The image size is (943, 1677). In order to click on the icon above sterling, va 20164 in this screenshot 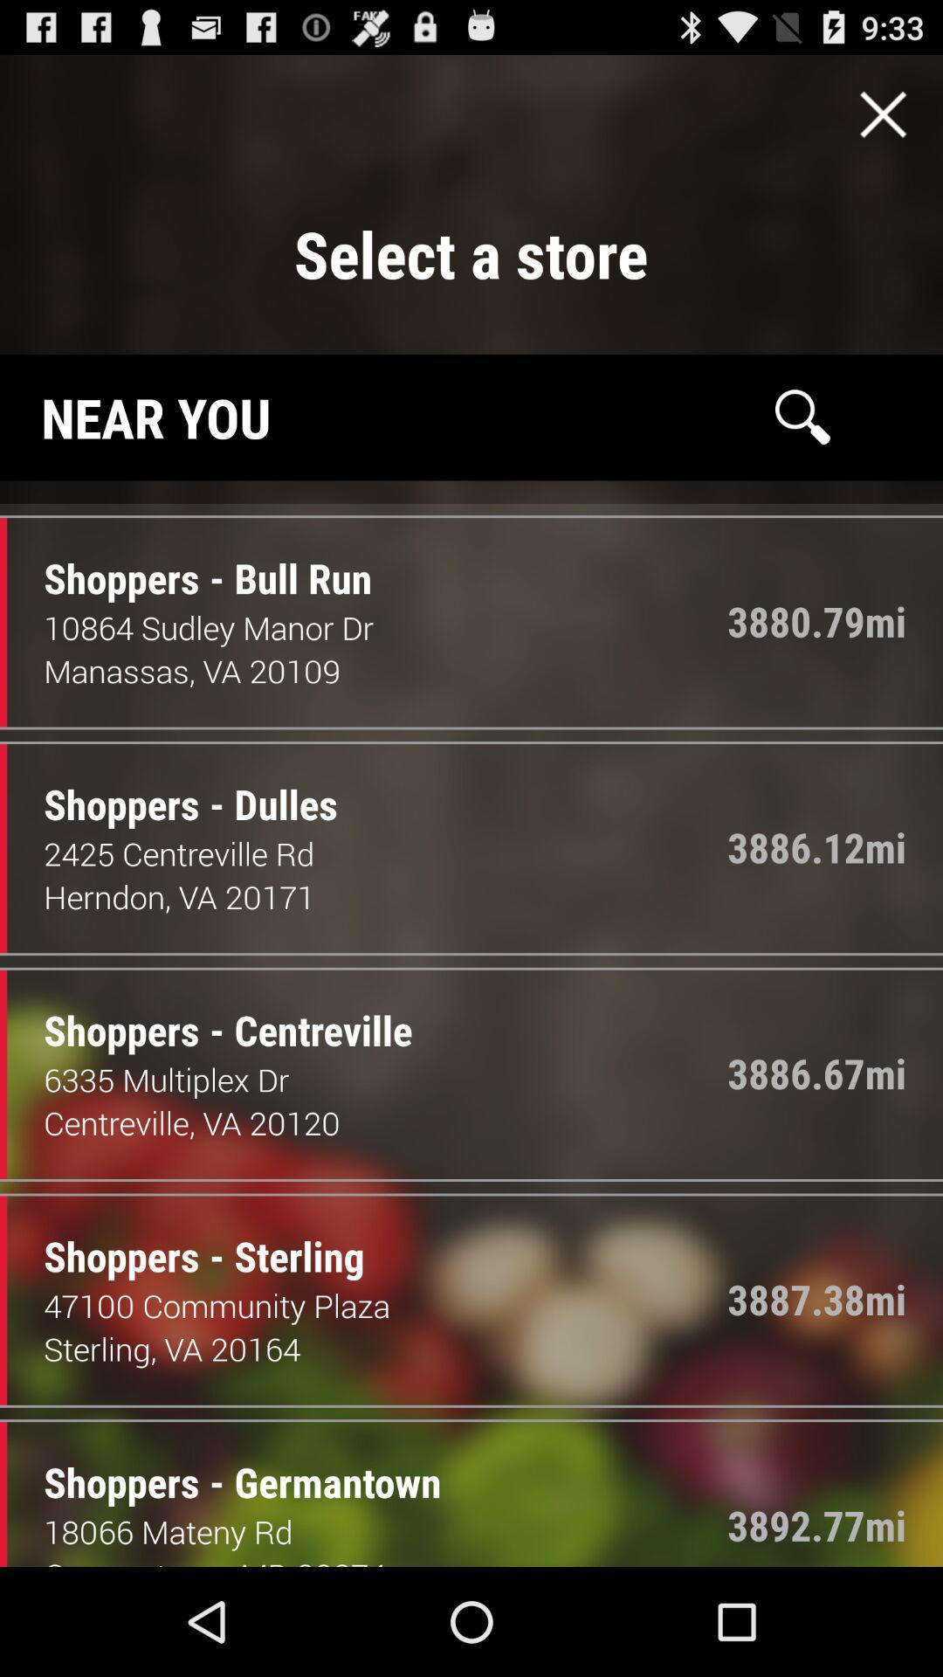, I will do `click(384, 1305)`.